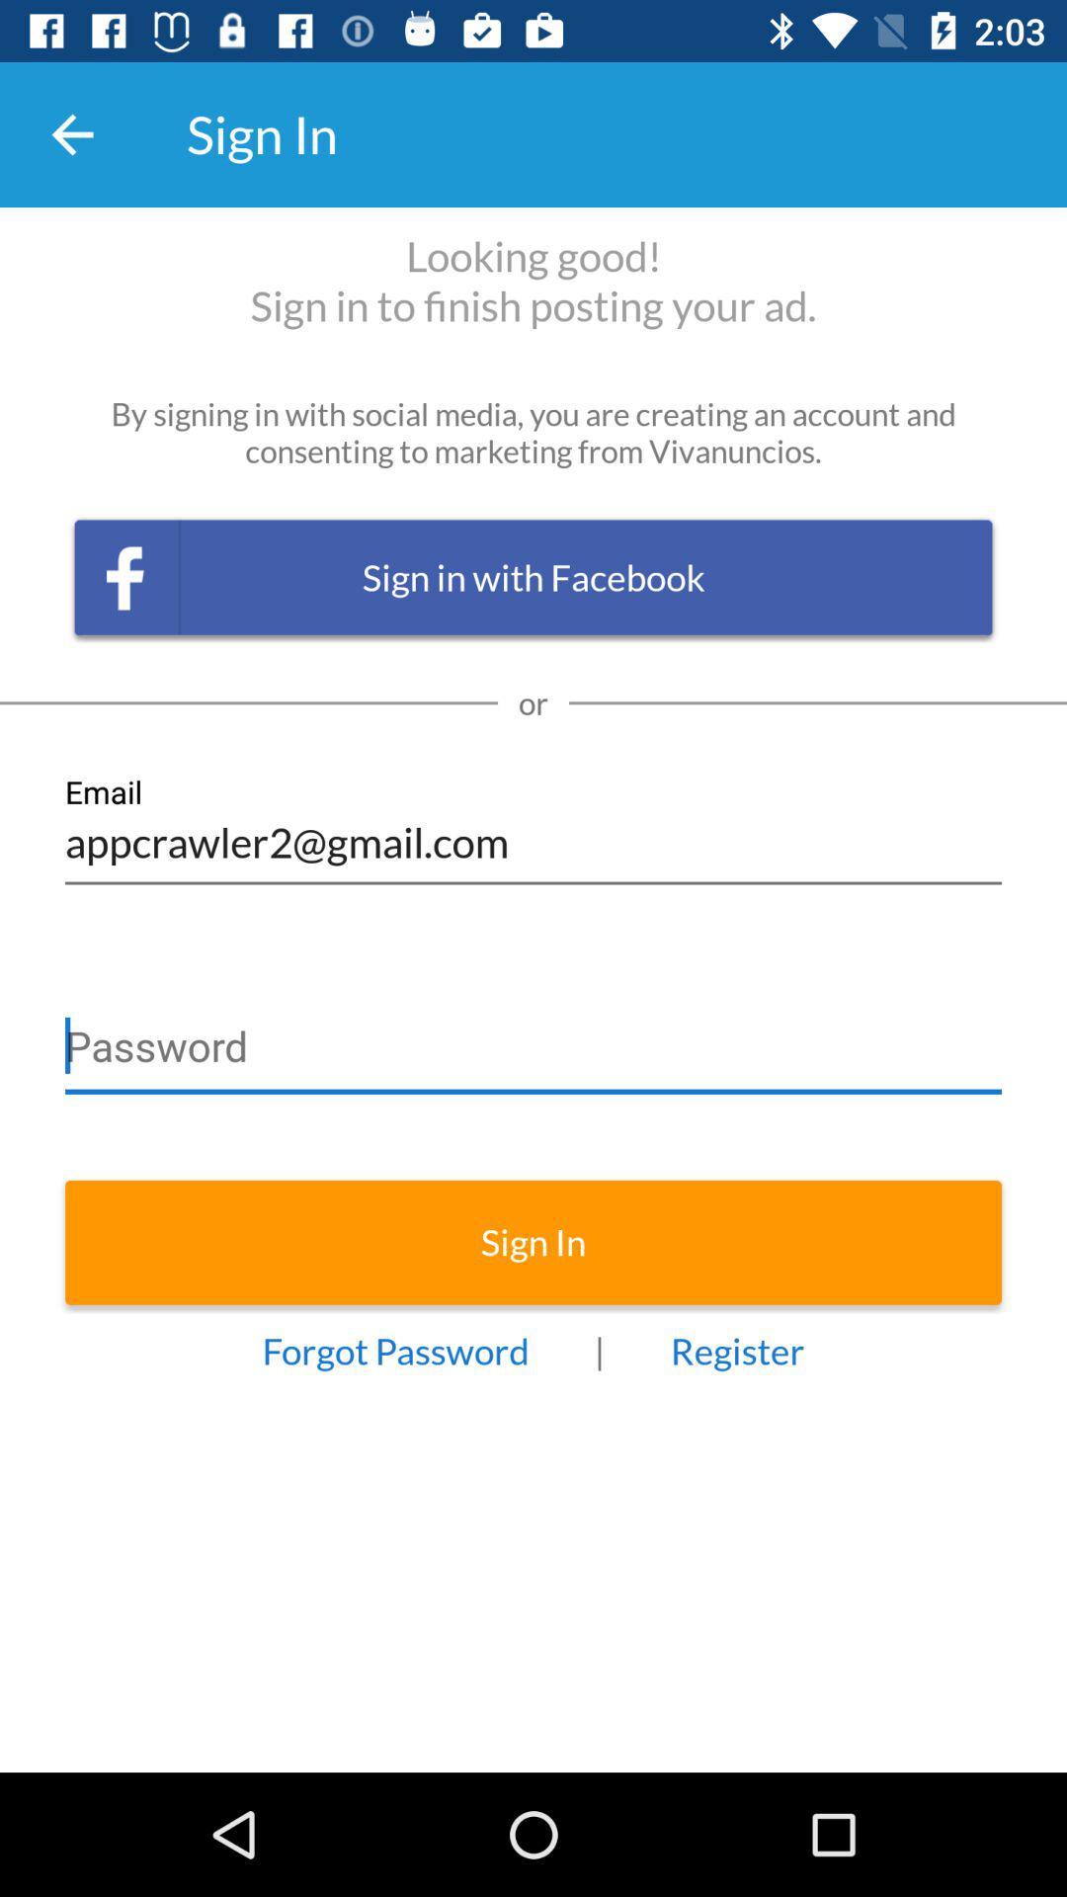 This screenshot has width=1067, height=1897. Describe the element at coordinates (533, 1241) in the screenshot. I see `sign in` at that location.